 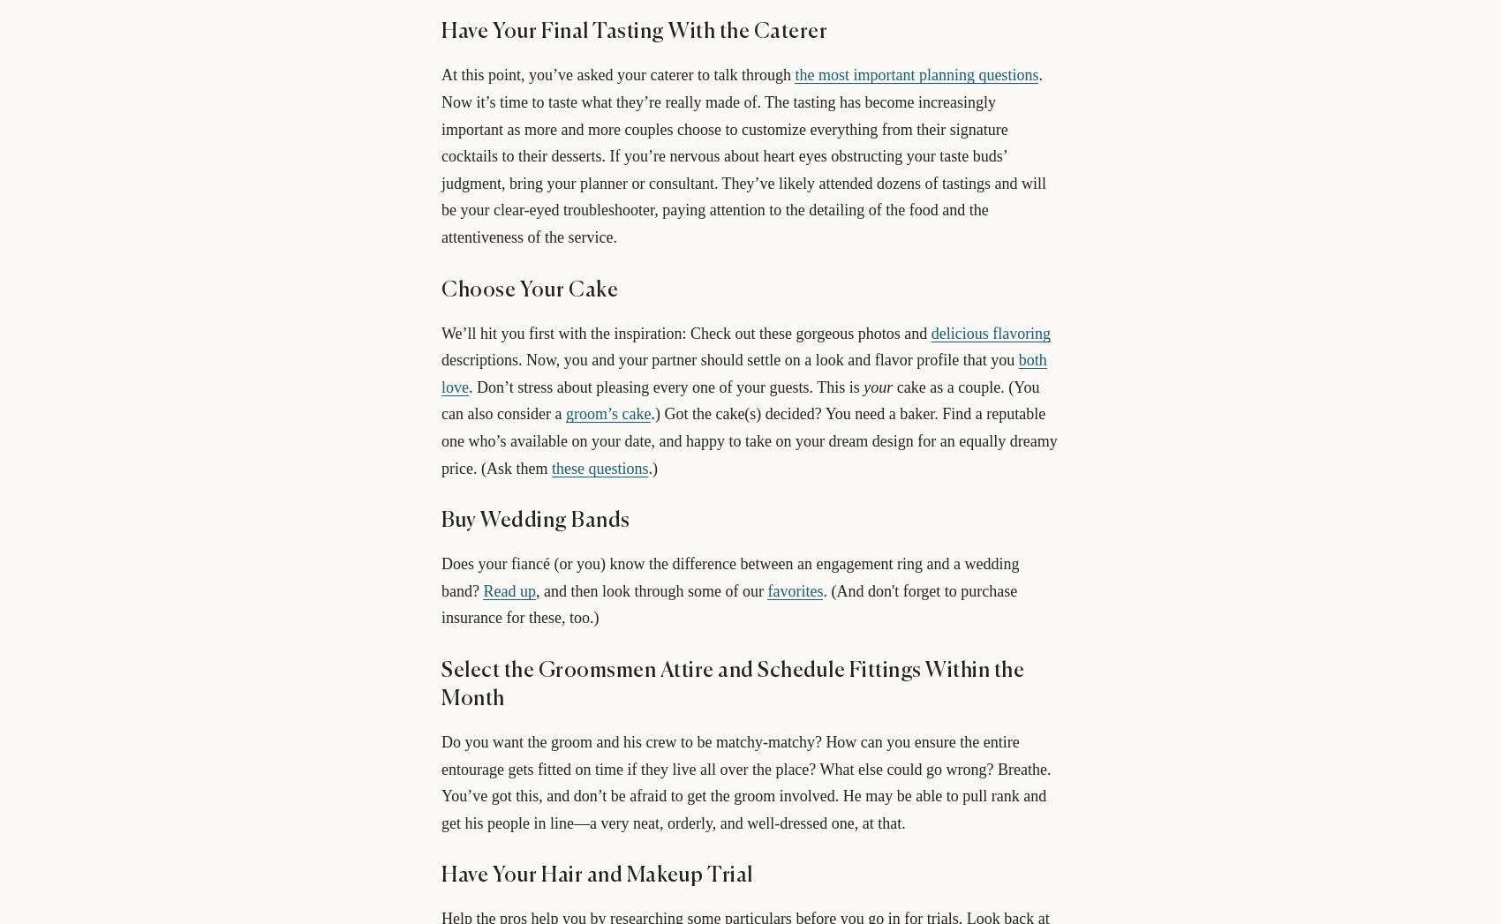 I want to click on 'Have Your Hair and Makeup Trial', so click(x=441, y=875).